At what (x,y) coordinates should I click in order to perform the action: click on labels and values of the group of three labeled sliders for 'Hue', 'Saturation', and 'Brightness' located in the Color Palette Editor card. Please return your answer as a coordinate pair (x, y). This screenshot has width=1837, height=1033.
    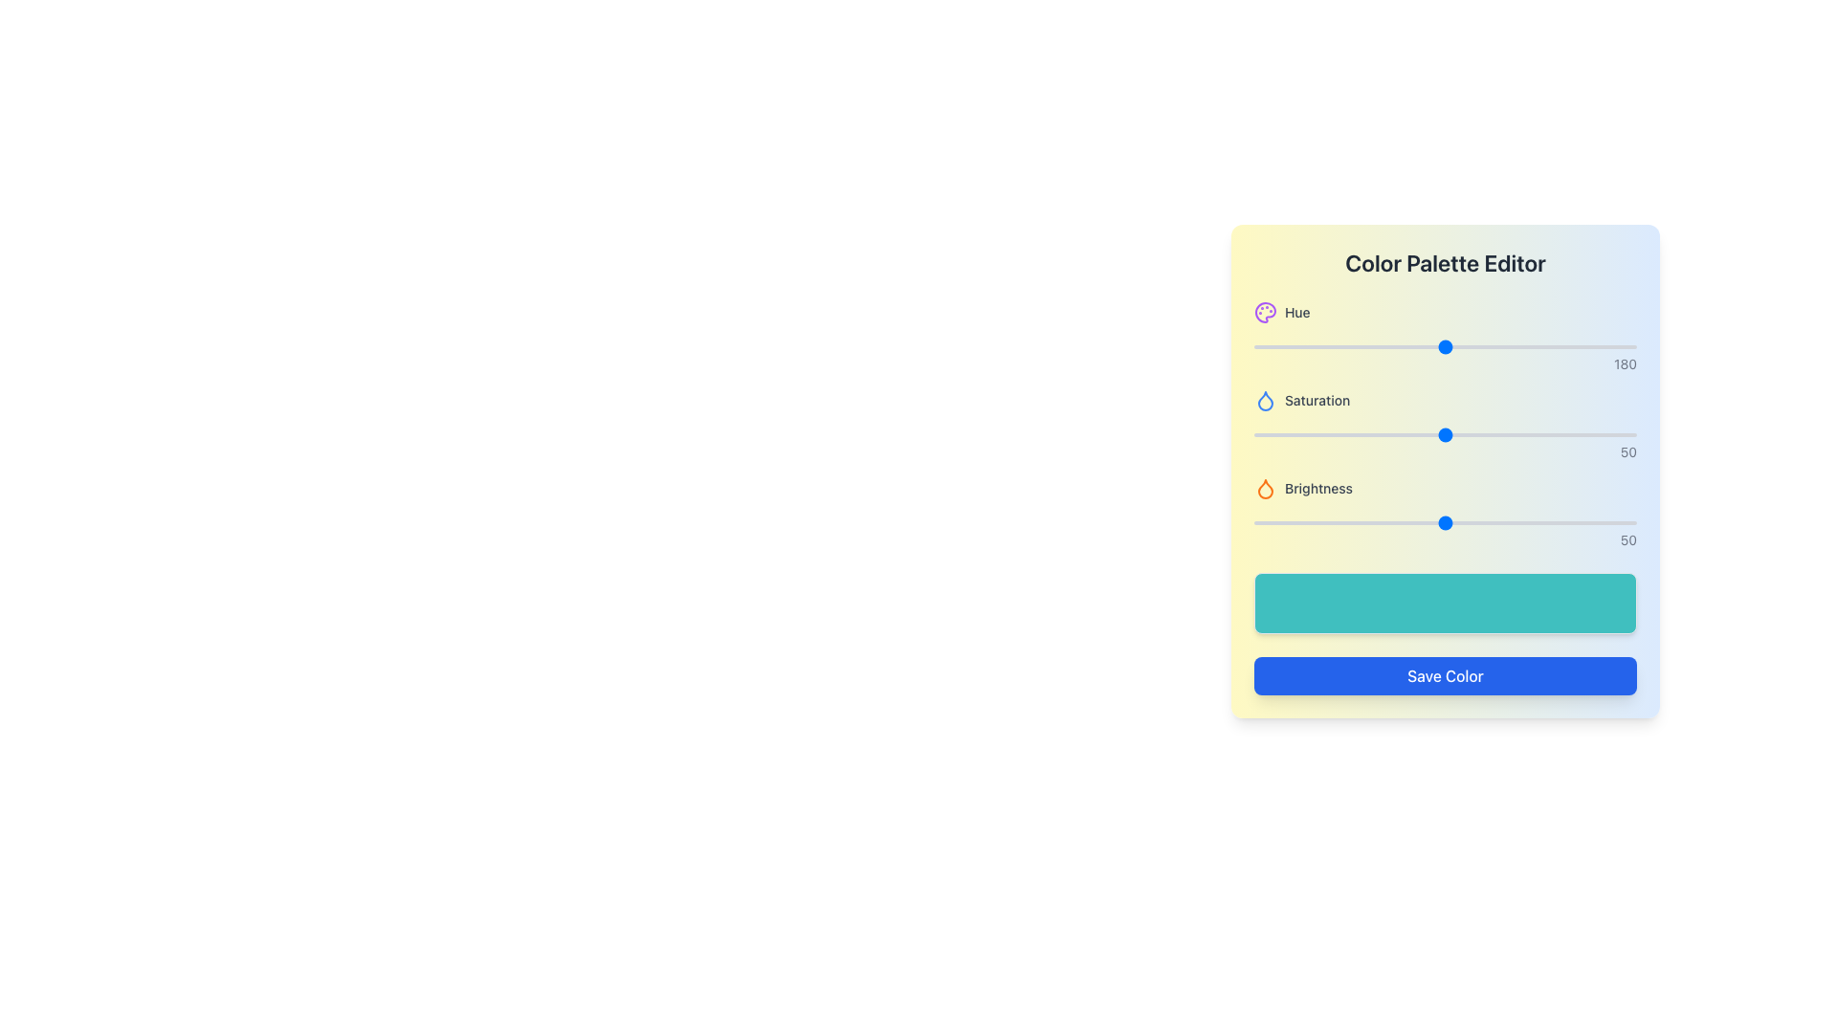
    Looking at the image, I should click on (1446, 424).